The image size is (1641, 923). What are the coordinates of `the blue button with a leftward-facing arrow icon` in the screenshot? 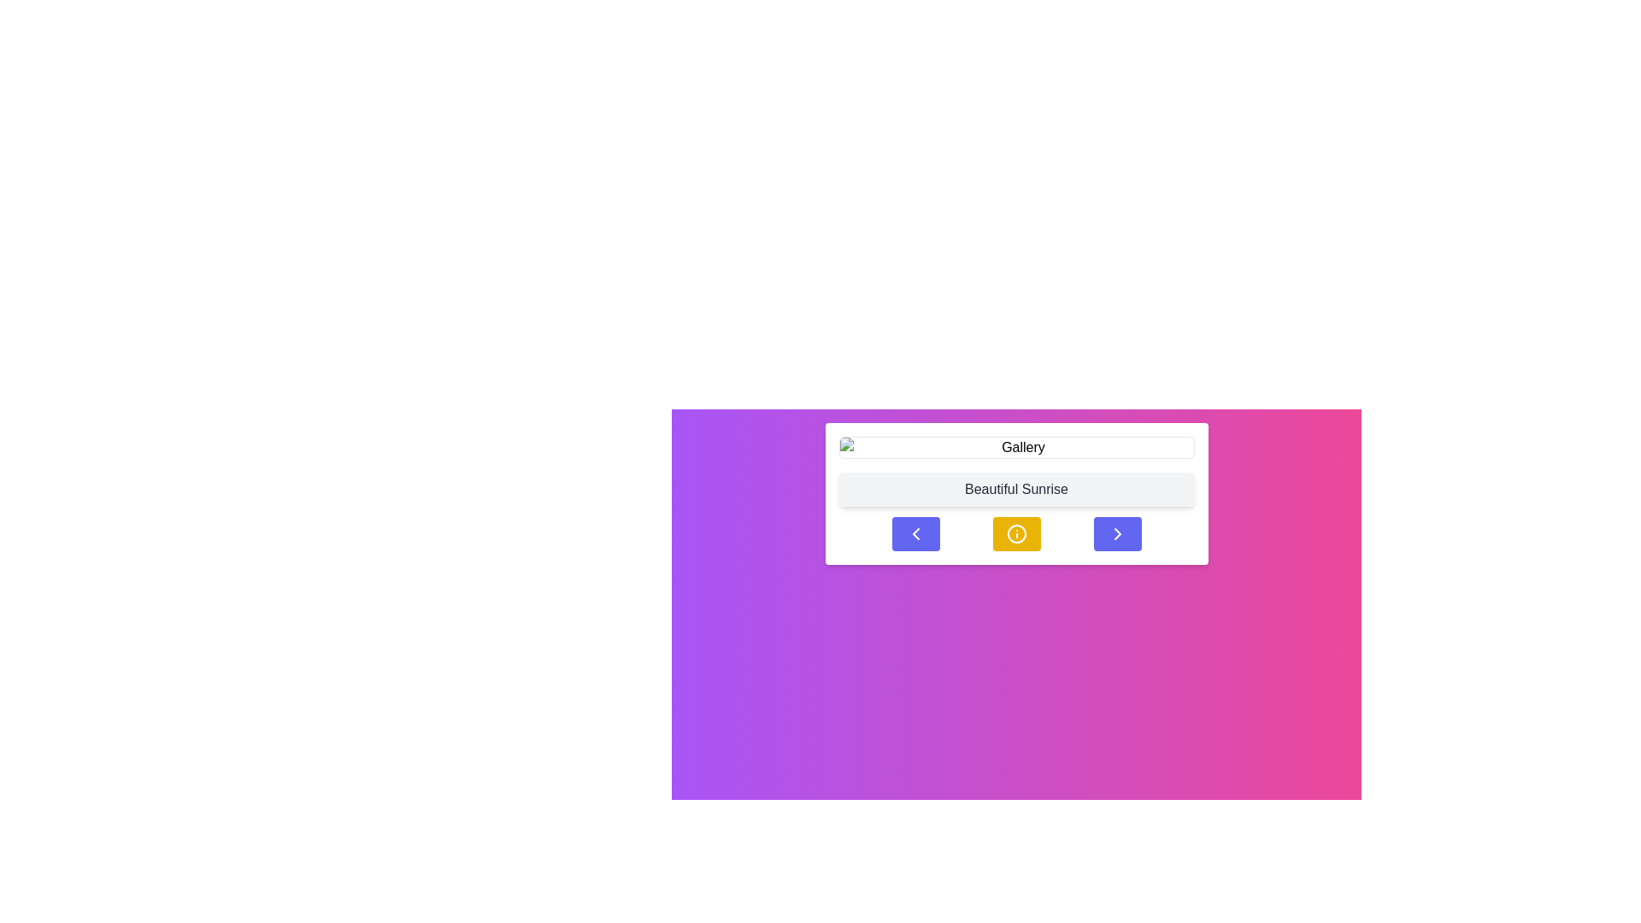 It's located at (915, 532).